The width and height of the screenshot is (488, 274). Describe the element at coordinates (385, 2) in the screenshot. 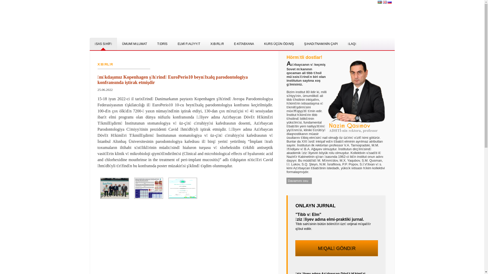

I see `'English version'` at that location.